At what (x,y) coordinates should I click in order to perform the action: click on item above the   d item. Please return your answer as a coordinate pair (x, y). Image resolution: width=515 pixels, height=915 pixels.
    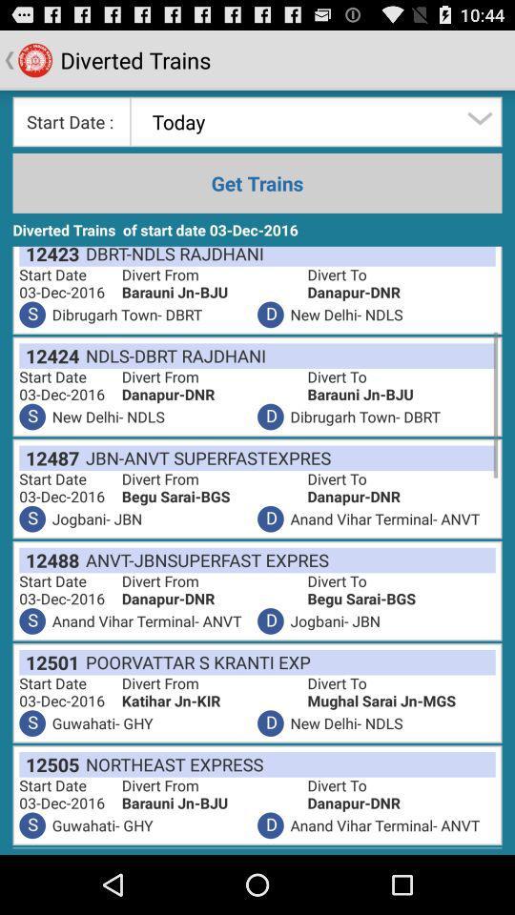
    Looking at the image, I should click on (212, 700).